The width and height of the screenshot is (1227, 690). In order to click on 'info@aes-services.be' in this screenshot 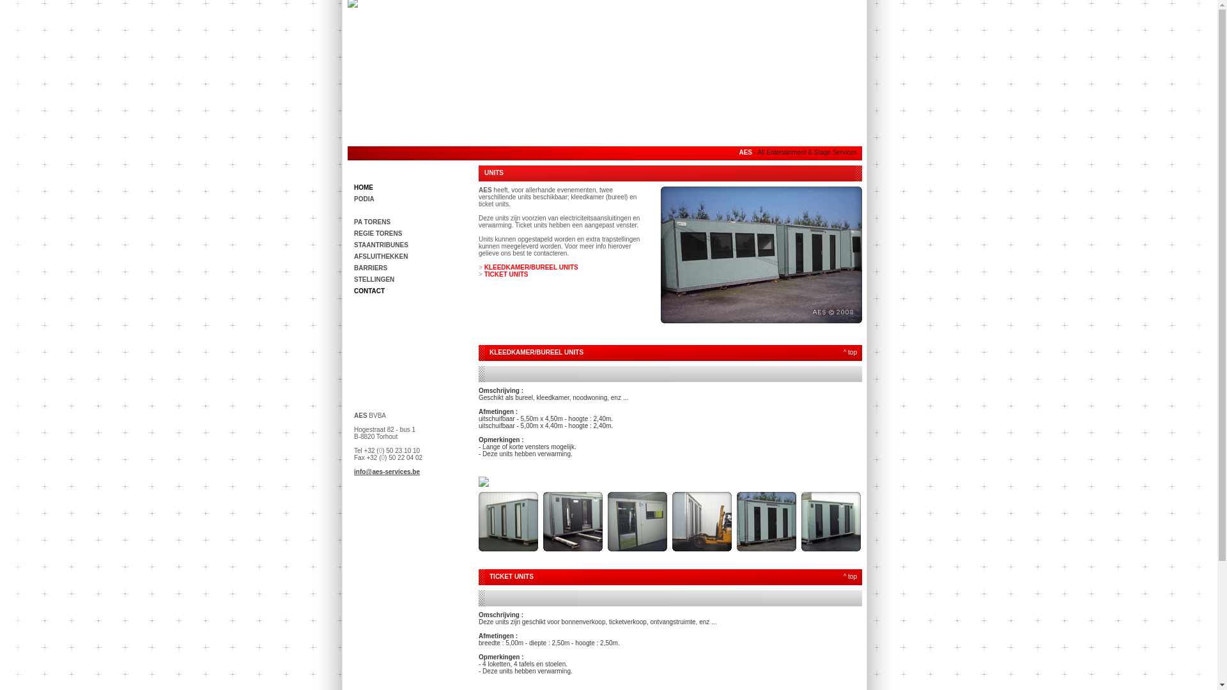, I will do `click(386, 471)`.